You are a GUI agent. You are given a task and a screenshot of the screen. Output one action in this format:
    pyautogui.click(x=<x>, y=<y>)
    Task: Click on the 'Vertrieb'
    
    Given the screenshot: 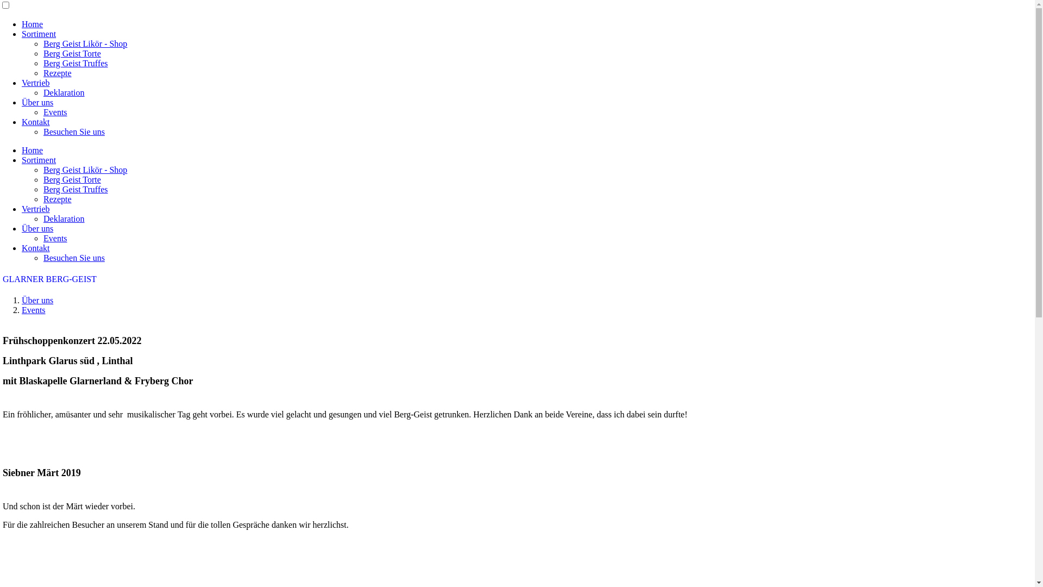 What is the action you would take?
    pyautogui.click(x=21, y=82)
    